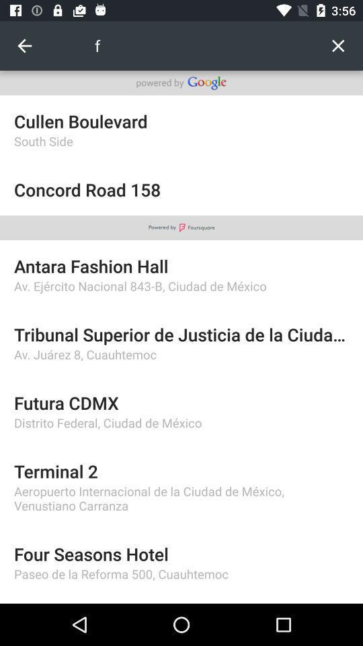  I want to click on distrito federal ciudad item, so click(182, 422).